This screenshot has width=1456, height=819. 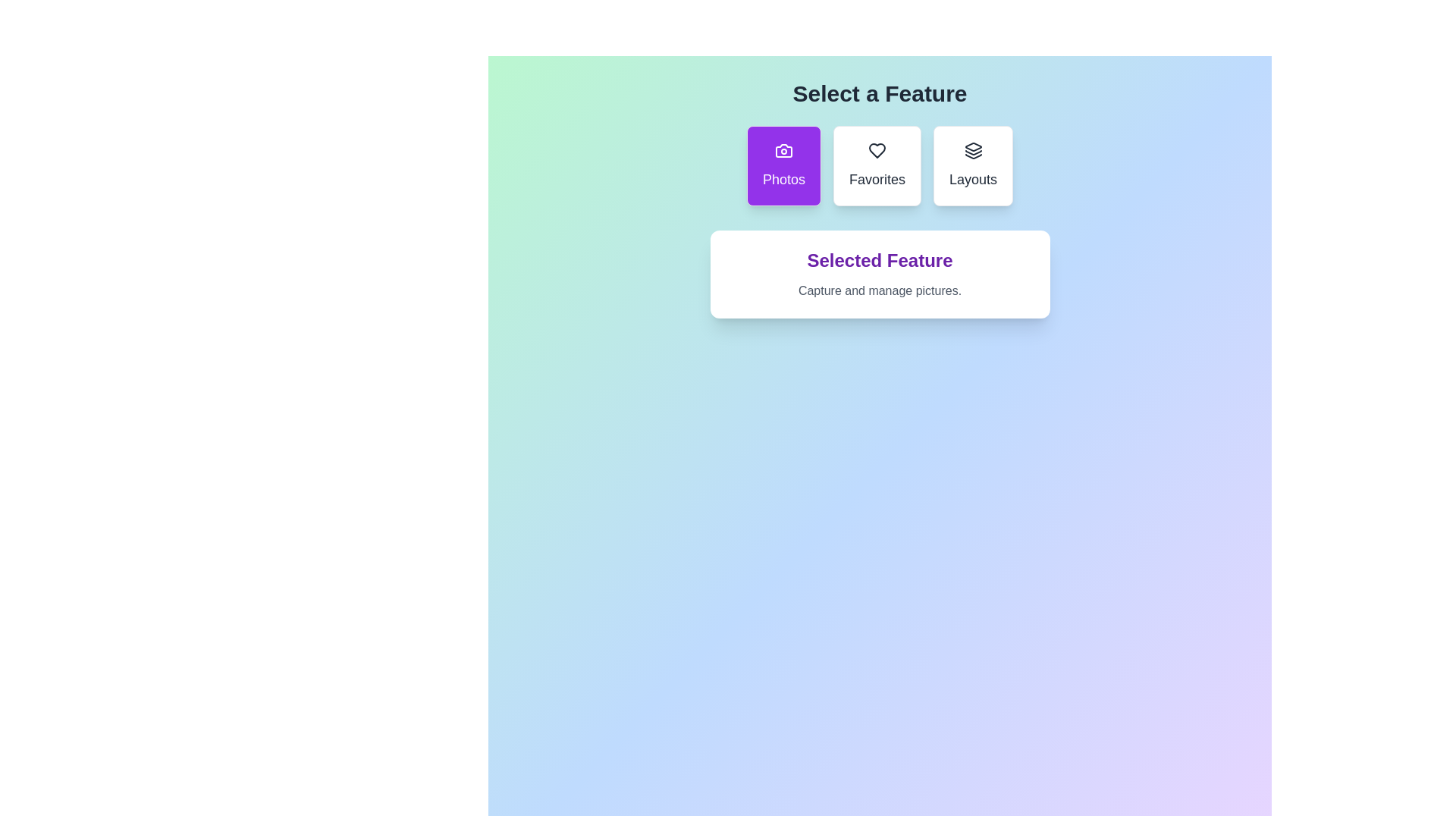 I want to click on the Layouts button to select it, so click(x=973, y=166).